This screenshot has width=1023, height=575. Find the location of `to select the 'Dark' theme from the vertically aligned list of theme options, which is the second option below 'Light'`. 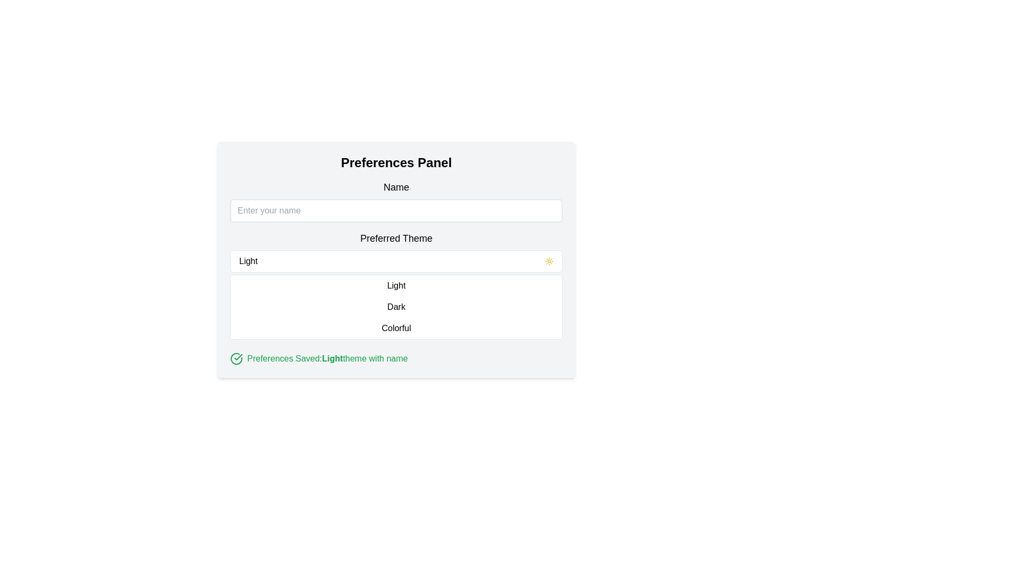

to select the 'Dark' theme from the vertically aligned list of theme options, which is the second option below 'Light' is located at coordinates (396, 307).